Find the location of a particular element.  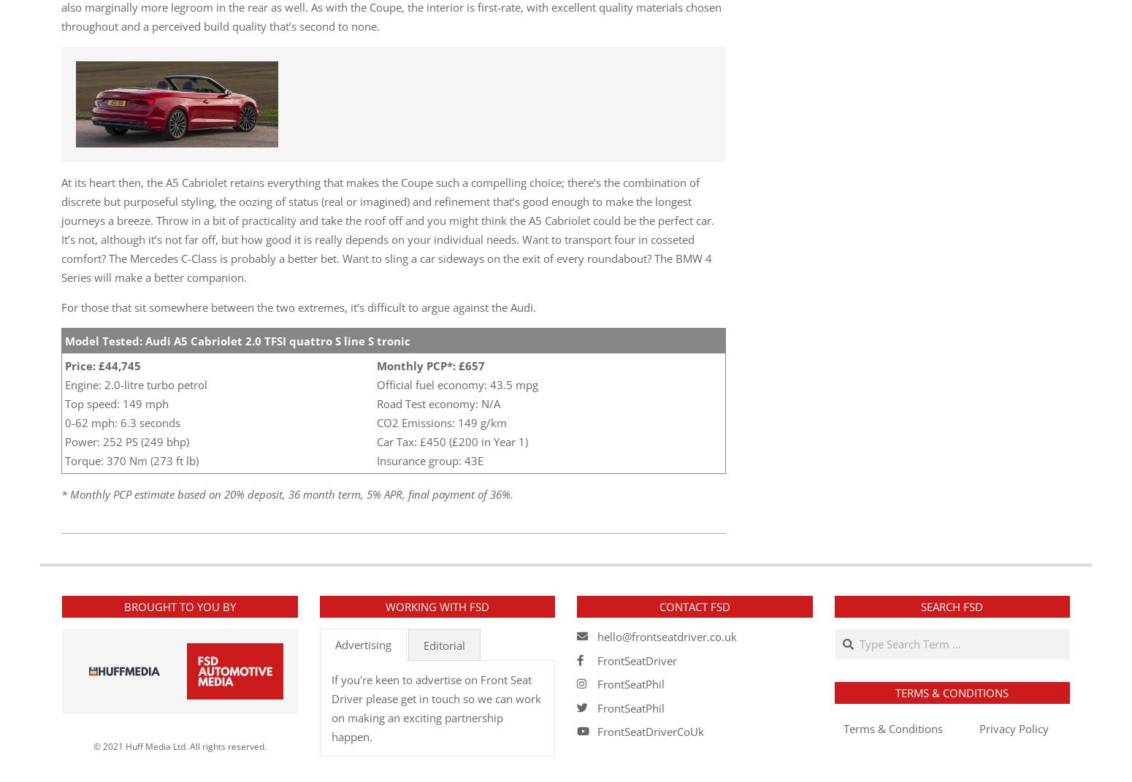

'Model Tested: Audi A5 Cabriolet 2.0 TFSI quattro S line S tronic' is located at coordinates (237, 340).